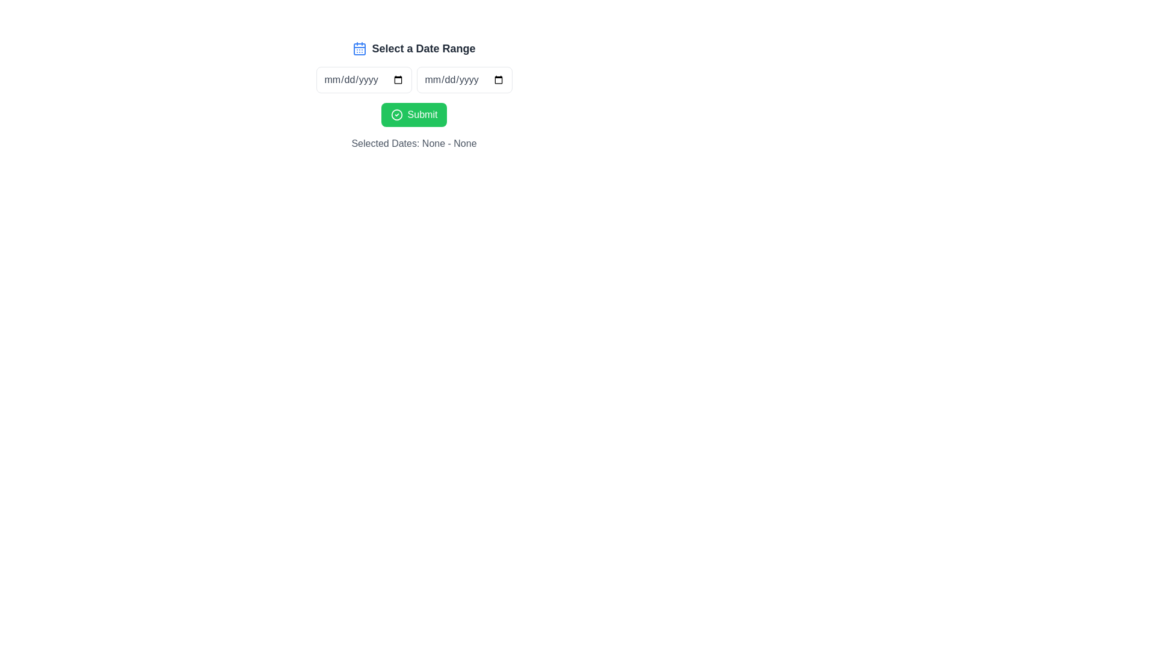 The height and width of the screenshot is (650, 1155). I want to click on the green 'Submit' button with a white check icon, so click(413, 115).